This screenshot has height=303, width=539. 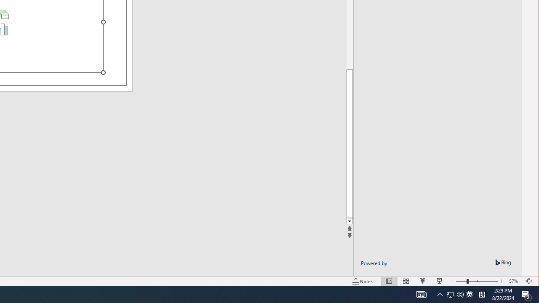 What do you see at coordinates (514, 281) in the screenshot?
I see `'Zoom 57%'` at bounding box center [514, 281].